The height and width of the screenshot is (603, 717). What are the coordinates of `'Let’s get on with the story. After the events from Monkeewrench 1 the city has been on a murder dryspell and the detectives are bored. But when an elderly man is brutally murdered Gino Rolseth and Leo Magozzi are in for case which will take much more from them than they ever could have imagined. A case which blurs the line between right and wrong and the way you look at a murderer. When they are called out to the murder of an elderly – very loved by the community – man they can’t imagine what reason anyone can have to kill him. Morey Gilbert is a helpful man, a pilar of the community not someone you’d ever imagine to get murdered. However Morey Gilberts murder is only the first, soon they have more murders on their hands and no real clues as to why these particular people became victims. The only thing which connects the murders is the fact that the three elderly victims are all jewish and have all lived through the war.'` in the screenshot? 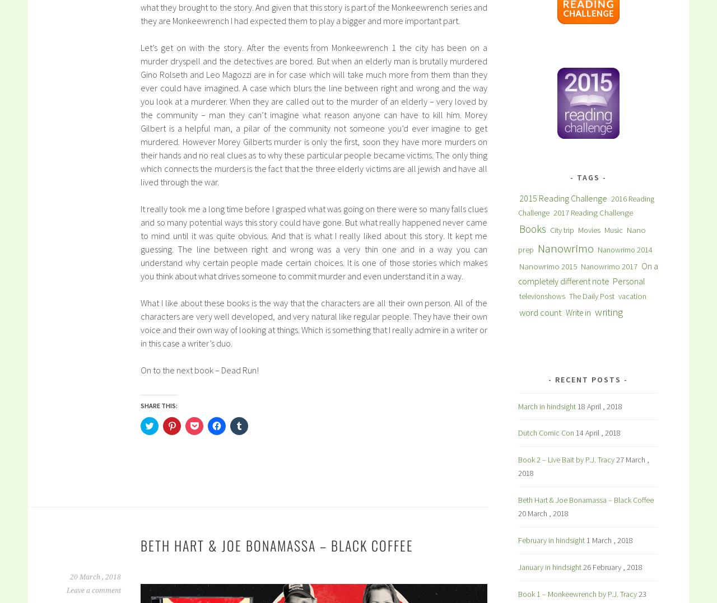 It's located at (314, 114).